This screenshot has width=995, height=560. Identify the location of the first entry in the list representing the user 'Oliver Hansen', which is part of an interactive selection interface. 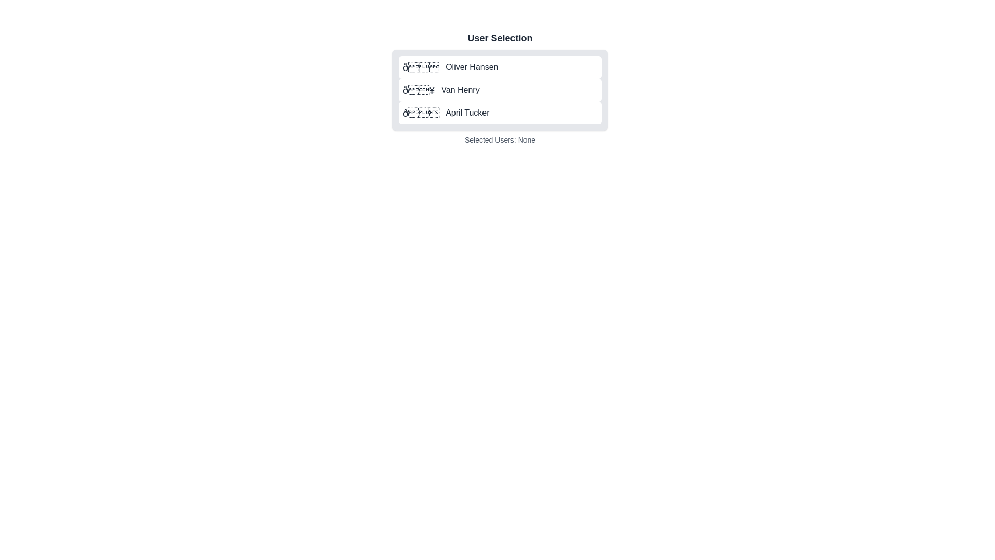
(450, 67).